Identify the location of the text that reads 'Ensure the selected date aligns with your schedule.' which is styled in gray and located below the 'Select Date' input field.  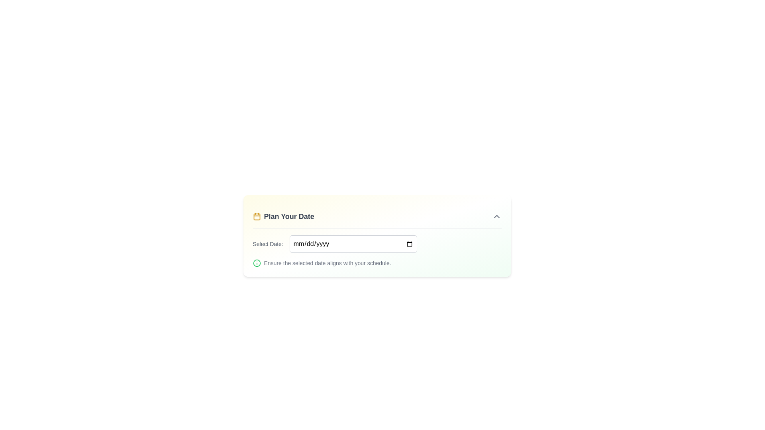
(328, 263).